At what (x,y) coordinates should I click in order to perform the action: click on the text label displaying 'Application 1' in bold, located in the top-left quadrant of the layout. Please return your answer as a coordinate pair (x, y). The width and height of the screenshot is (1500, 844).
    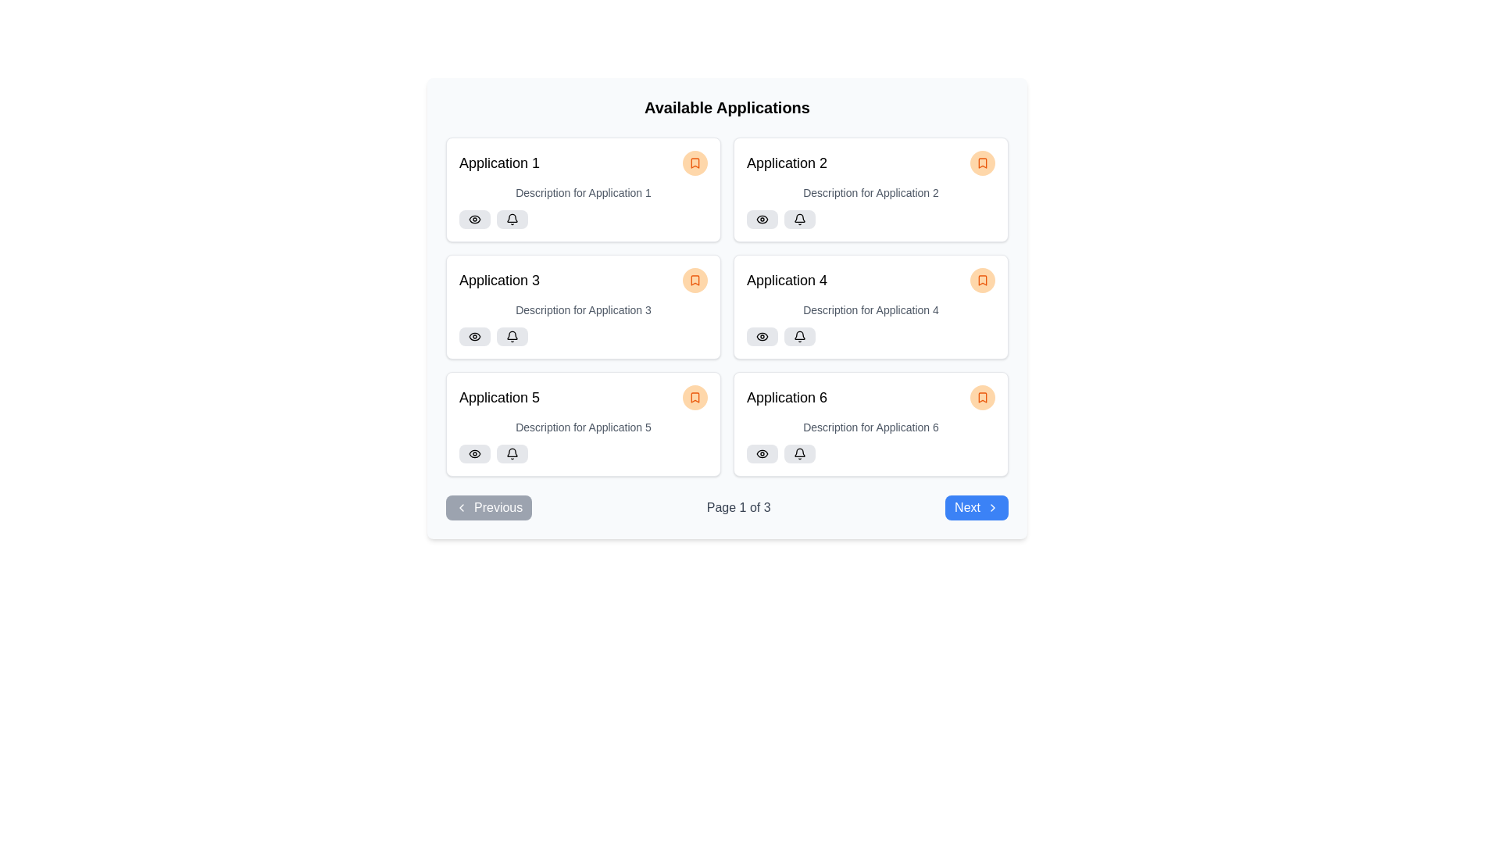
    Looking at the image, I should click on (498, 163).